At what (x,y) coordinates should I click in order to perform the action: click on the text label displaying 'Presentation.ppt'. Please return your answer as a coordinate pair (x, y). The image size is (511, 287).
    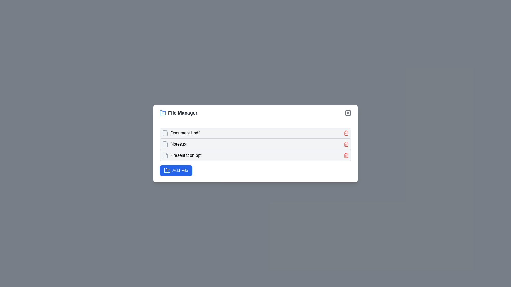
    Looking at the image, I should click on (186, 155).